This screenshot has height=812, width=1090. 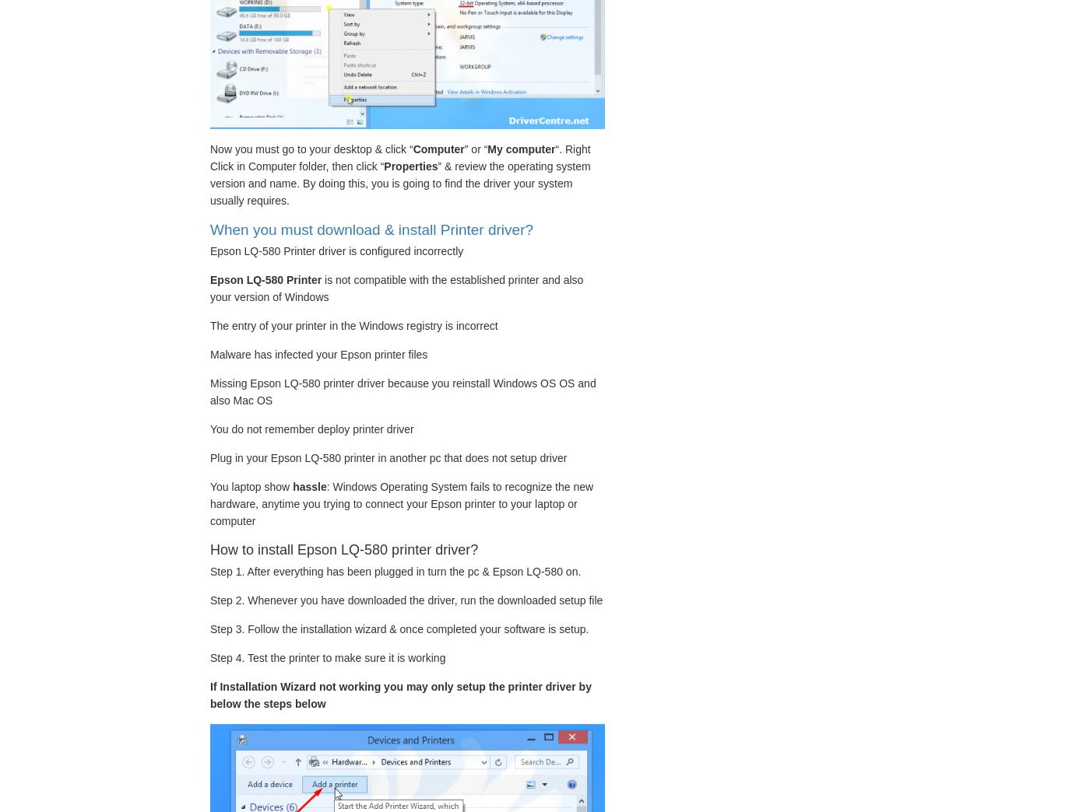 What do you see at coordinates (396, 289) in the screenshot?
I see `'is not compatible with the established printer and also your version of Windows'` at bounding box center [396, 289].